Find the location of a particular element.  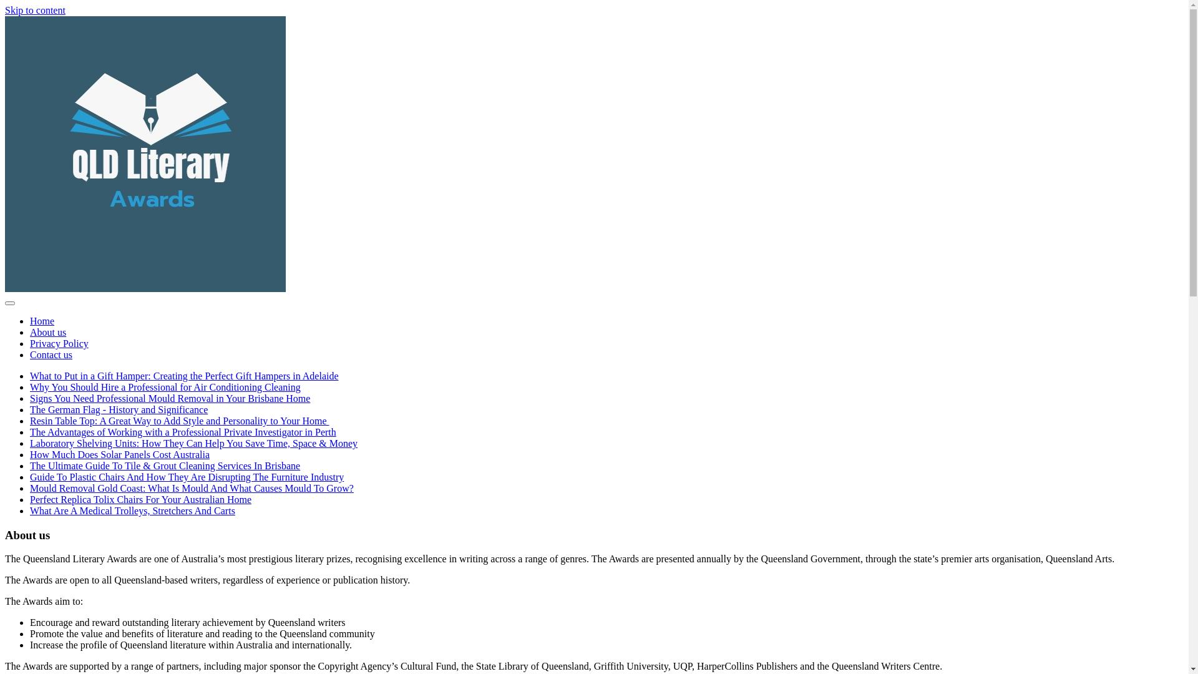

'Privacy Policy' is located at coordinates (59, 343).